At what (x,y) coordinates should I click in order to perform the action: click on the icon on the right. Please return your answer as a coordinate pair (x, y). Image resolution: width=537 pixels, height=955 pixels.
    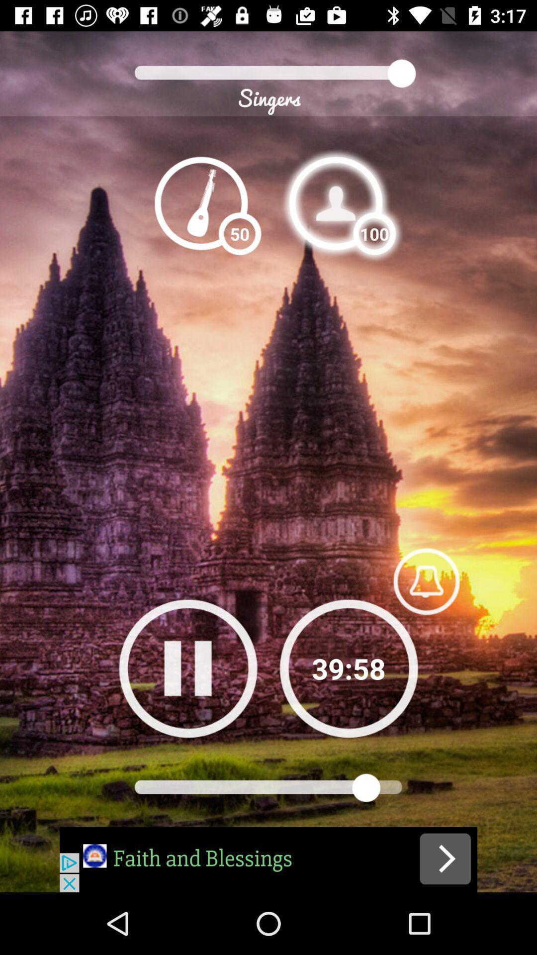
    Looking at the image, I should click on (426, 581).